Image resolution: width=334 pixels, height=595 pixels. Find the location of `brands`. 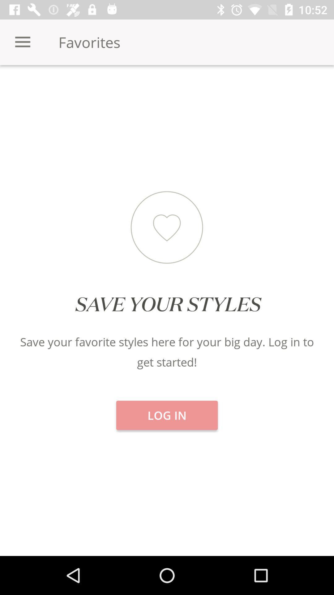

brands is located at coordinates (278, 86).